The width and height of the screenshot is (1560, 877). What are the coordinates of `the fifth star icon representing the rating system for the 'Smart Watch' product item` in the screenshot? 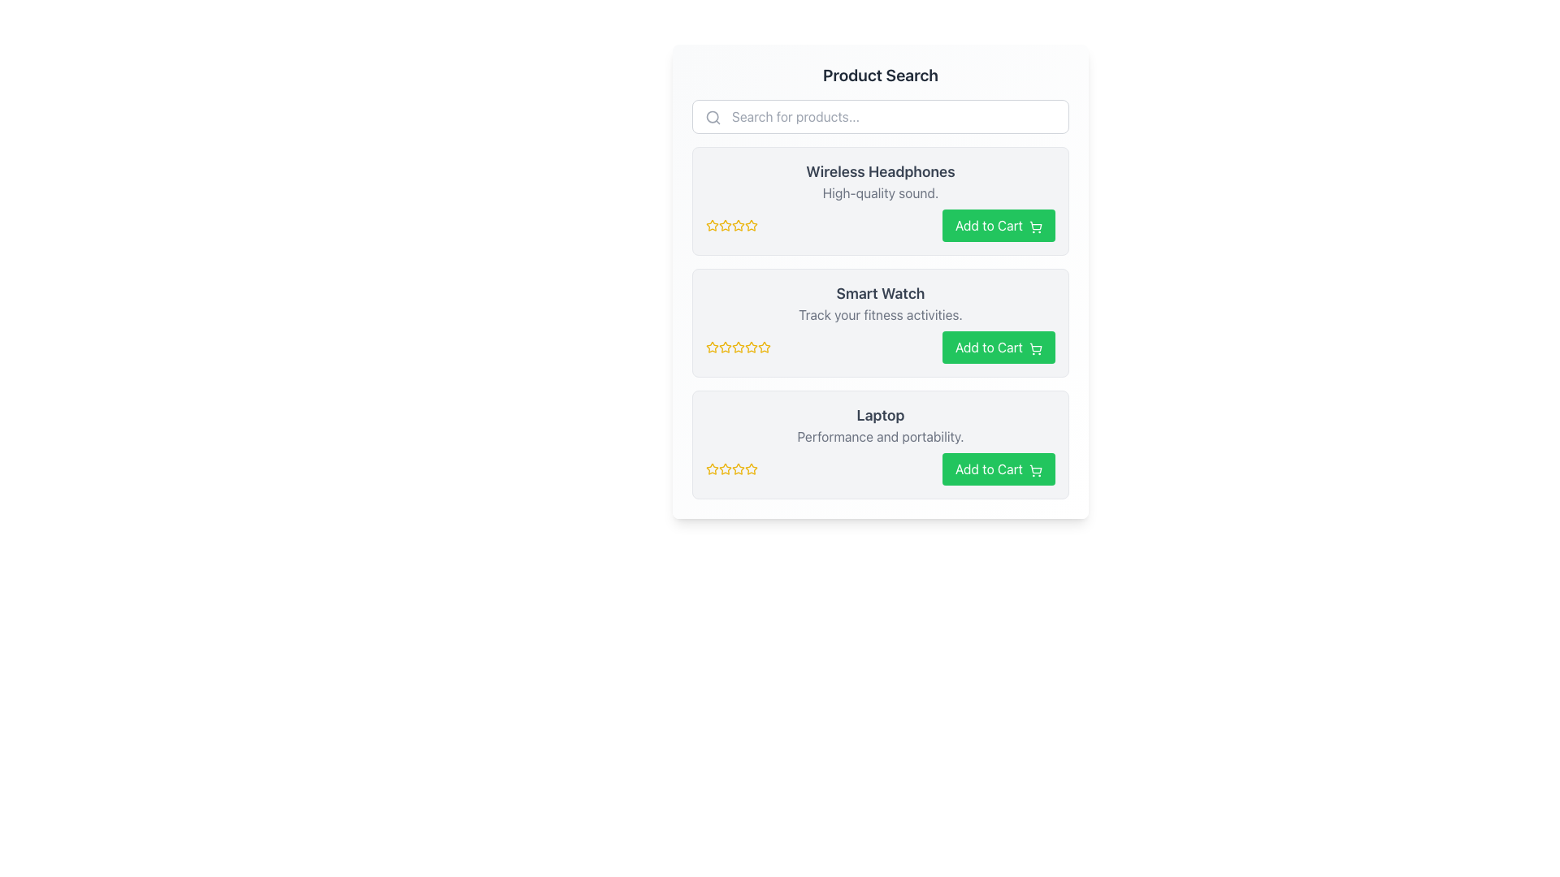 It's located at (763, 347).